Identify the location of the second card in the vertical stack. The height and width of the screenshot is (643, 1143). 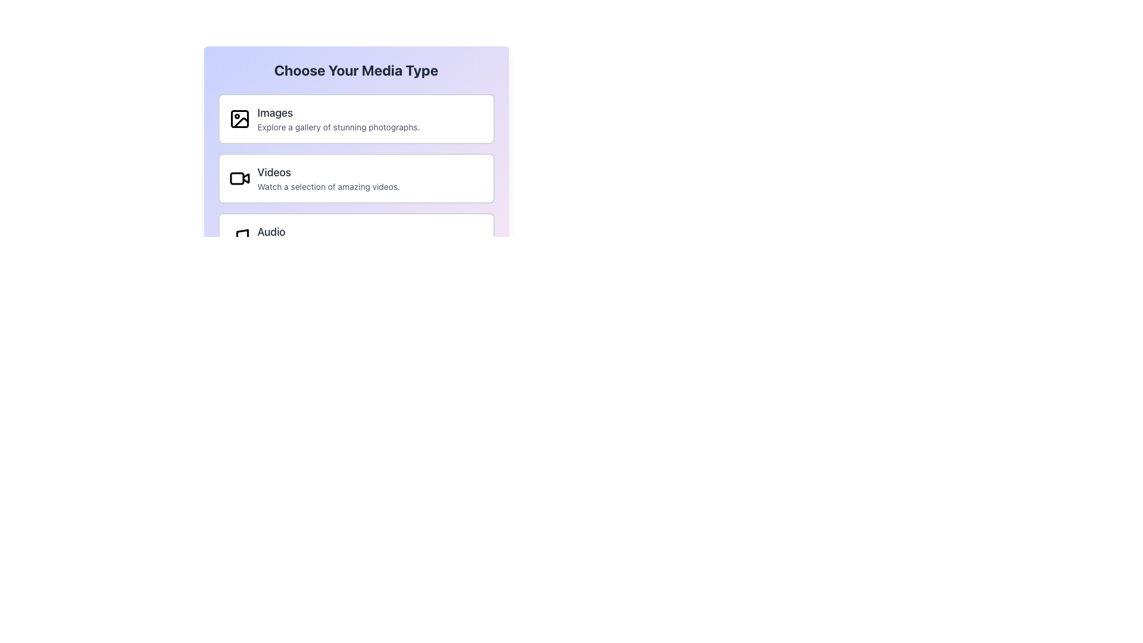
(355, 179).